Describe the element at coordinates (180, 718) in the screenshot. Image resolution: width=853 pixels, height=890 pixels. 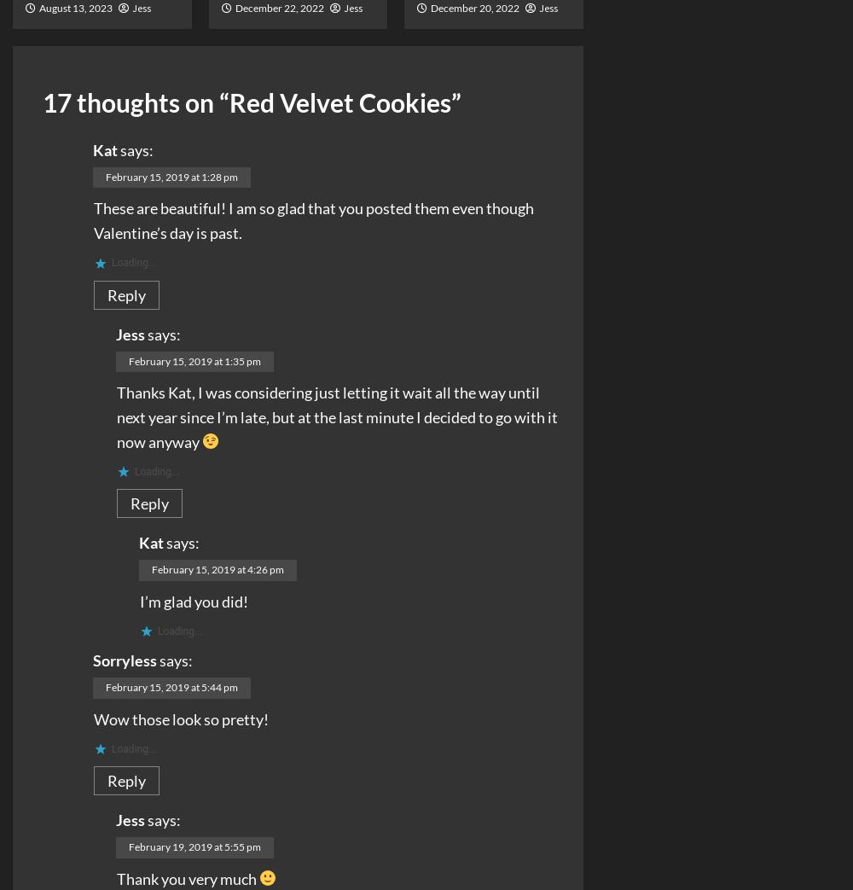
I see `'Wow those look so pretty!'` at that location.